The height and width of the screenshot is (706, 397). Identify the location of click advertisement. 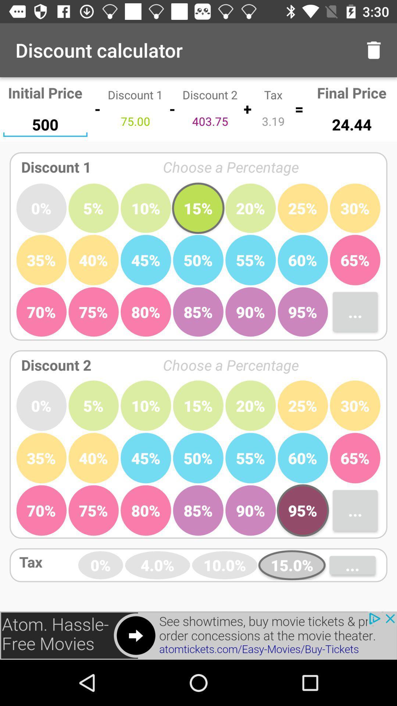
(198, 635).